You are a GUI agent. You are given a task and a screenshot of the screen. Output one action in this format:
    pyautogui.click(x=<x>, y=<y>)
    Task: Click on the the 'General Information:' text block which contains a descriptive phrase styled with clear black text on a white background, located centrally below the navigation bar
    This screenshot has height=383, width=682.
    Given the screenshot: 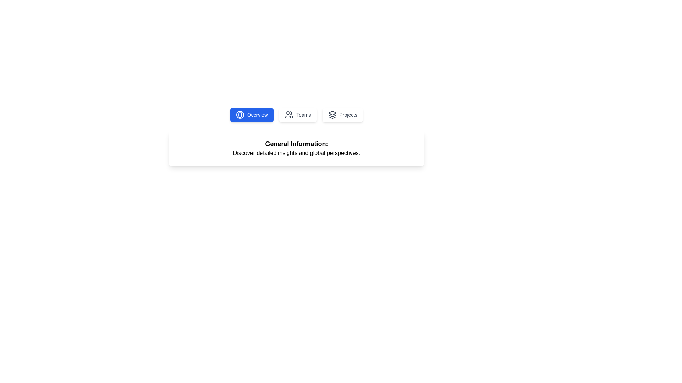 What is the action you would take?
    pyautogui.click(x=297, y=148)
    